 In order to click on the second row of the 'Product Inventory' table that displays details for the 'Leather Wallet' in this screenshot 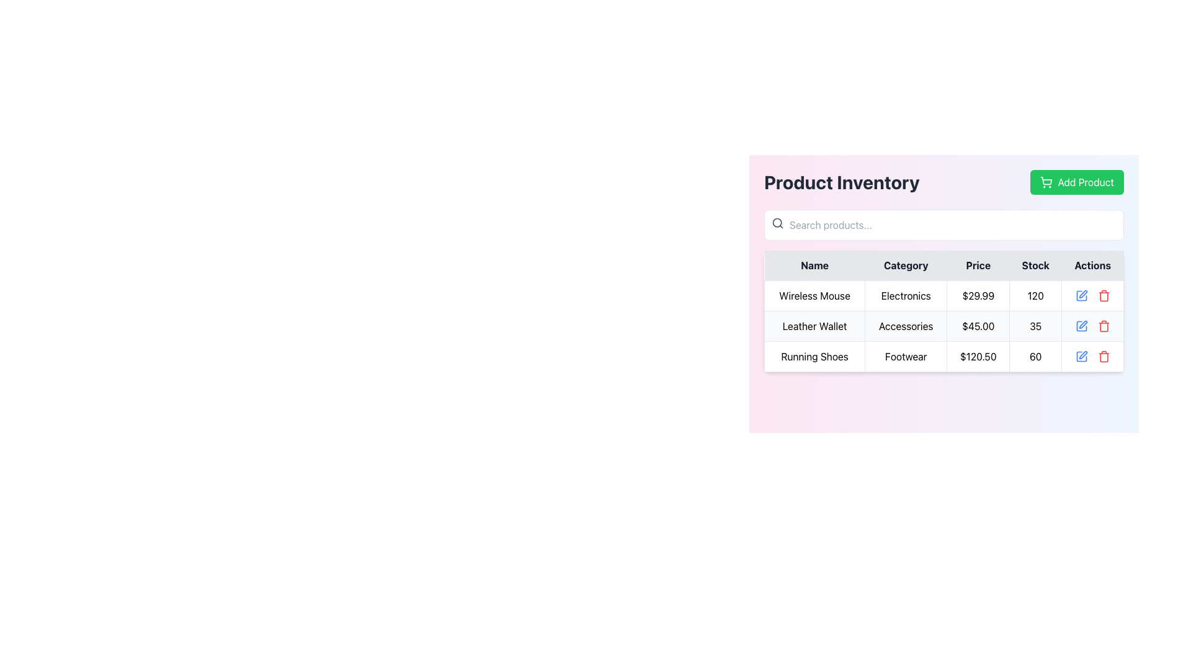, I will do `click(943, 325)`.